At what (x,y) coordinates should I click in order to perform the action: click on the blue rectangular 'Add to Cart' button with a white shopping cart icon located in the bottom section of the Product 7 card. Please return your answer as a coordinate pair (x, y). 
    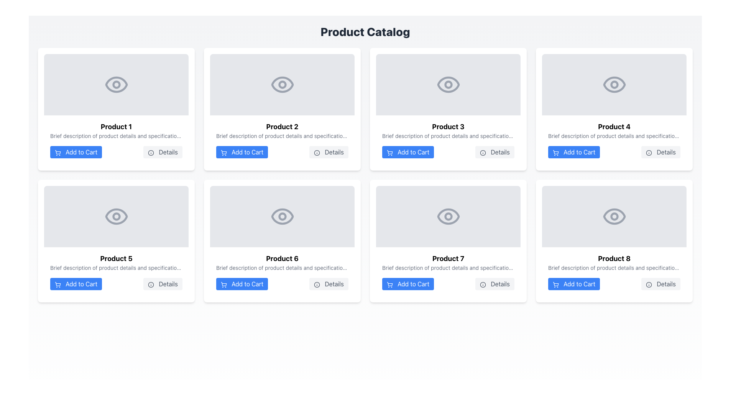
    Looking at the image, I should click on (407, 284).